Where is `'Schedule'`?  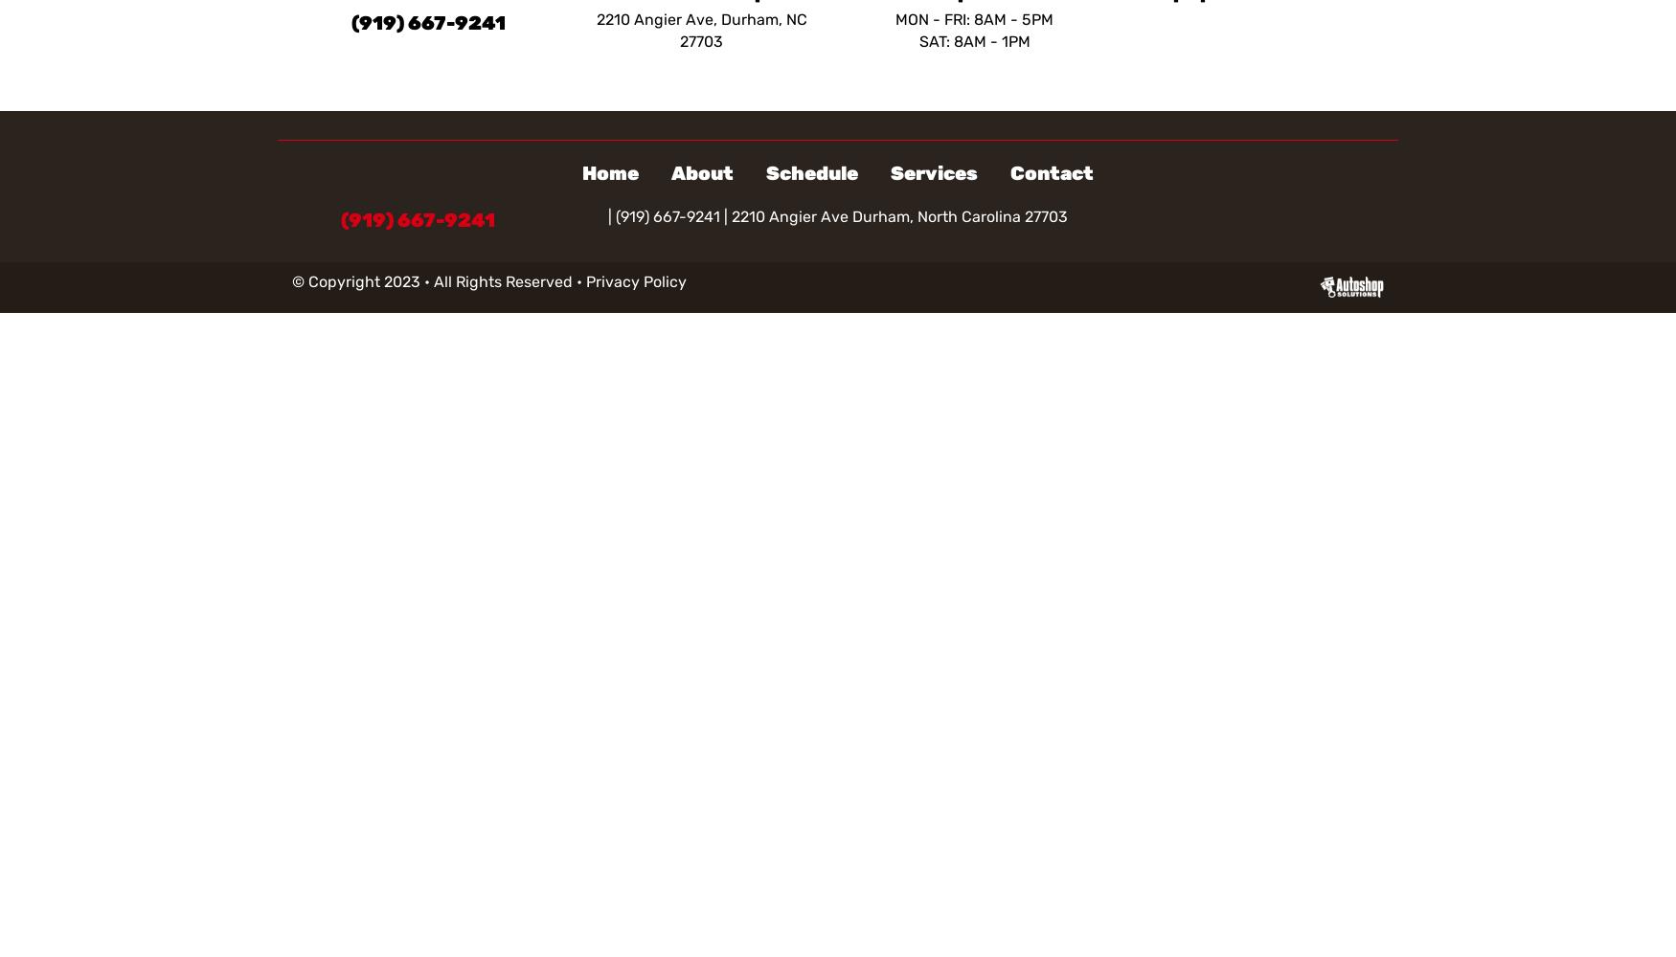 'Schedule' is located at coordinates (812, 173).